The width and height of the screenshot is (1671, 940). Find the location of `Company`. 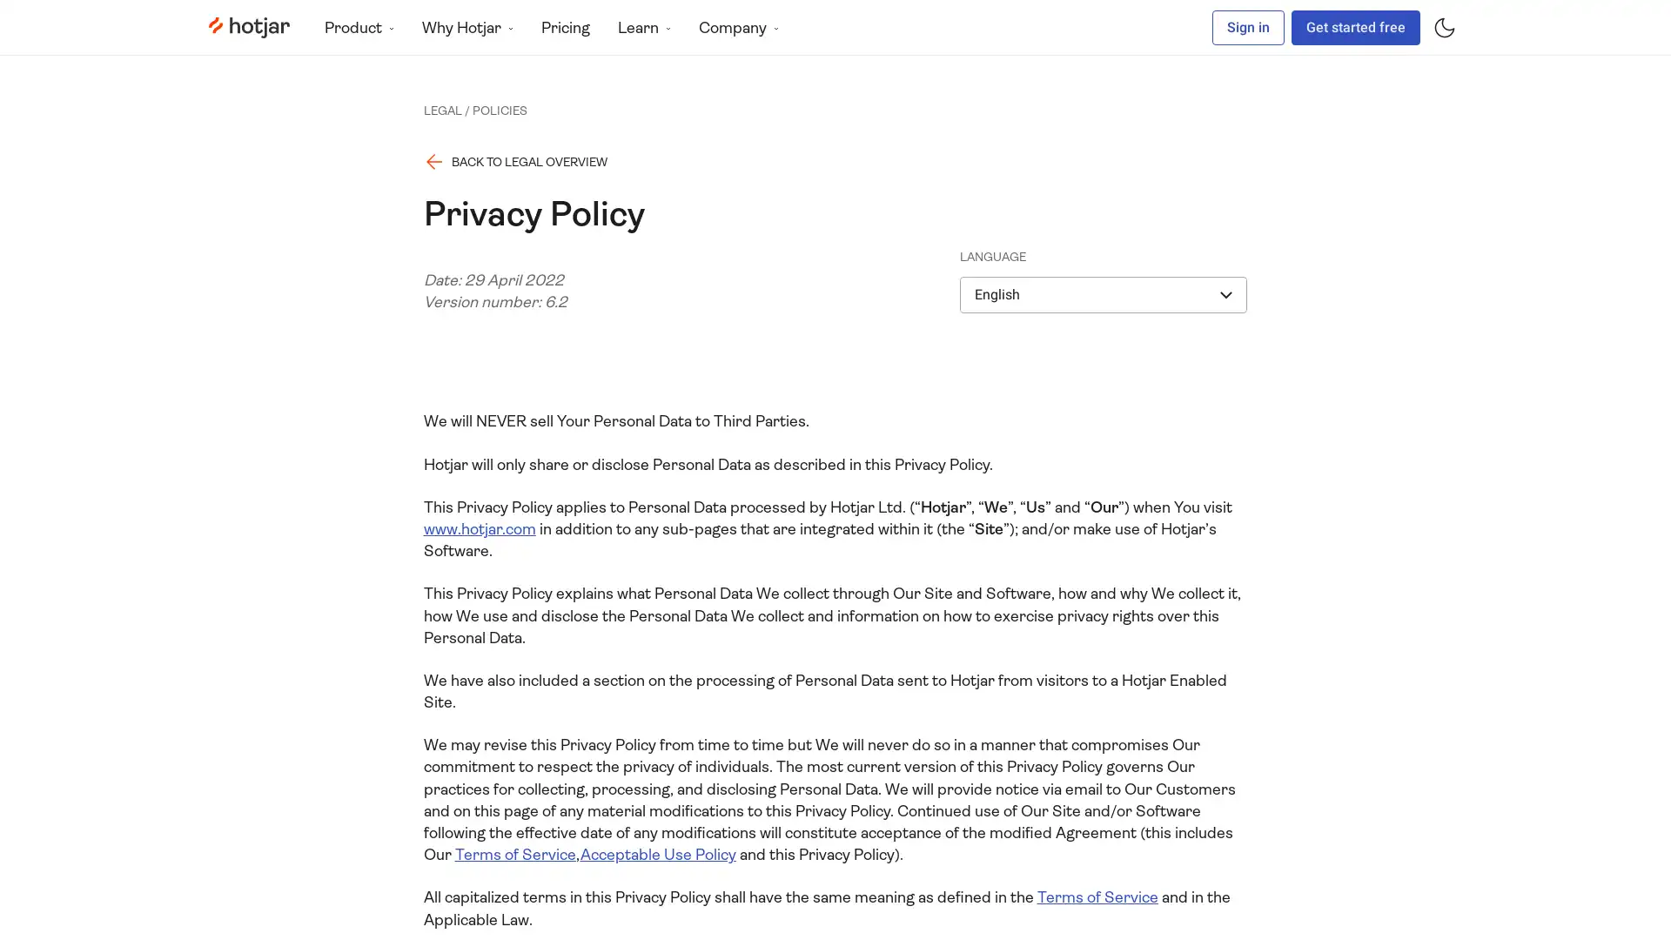

Company is located at coordinates (739, 27).